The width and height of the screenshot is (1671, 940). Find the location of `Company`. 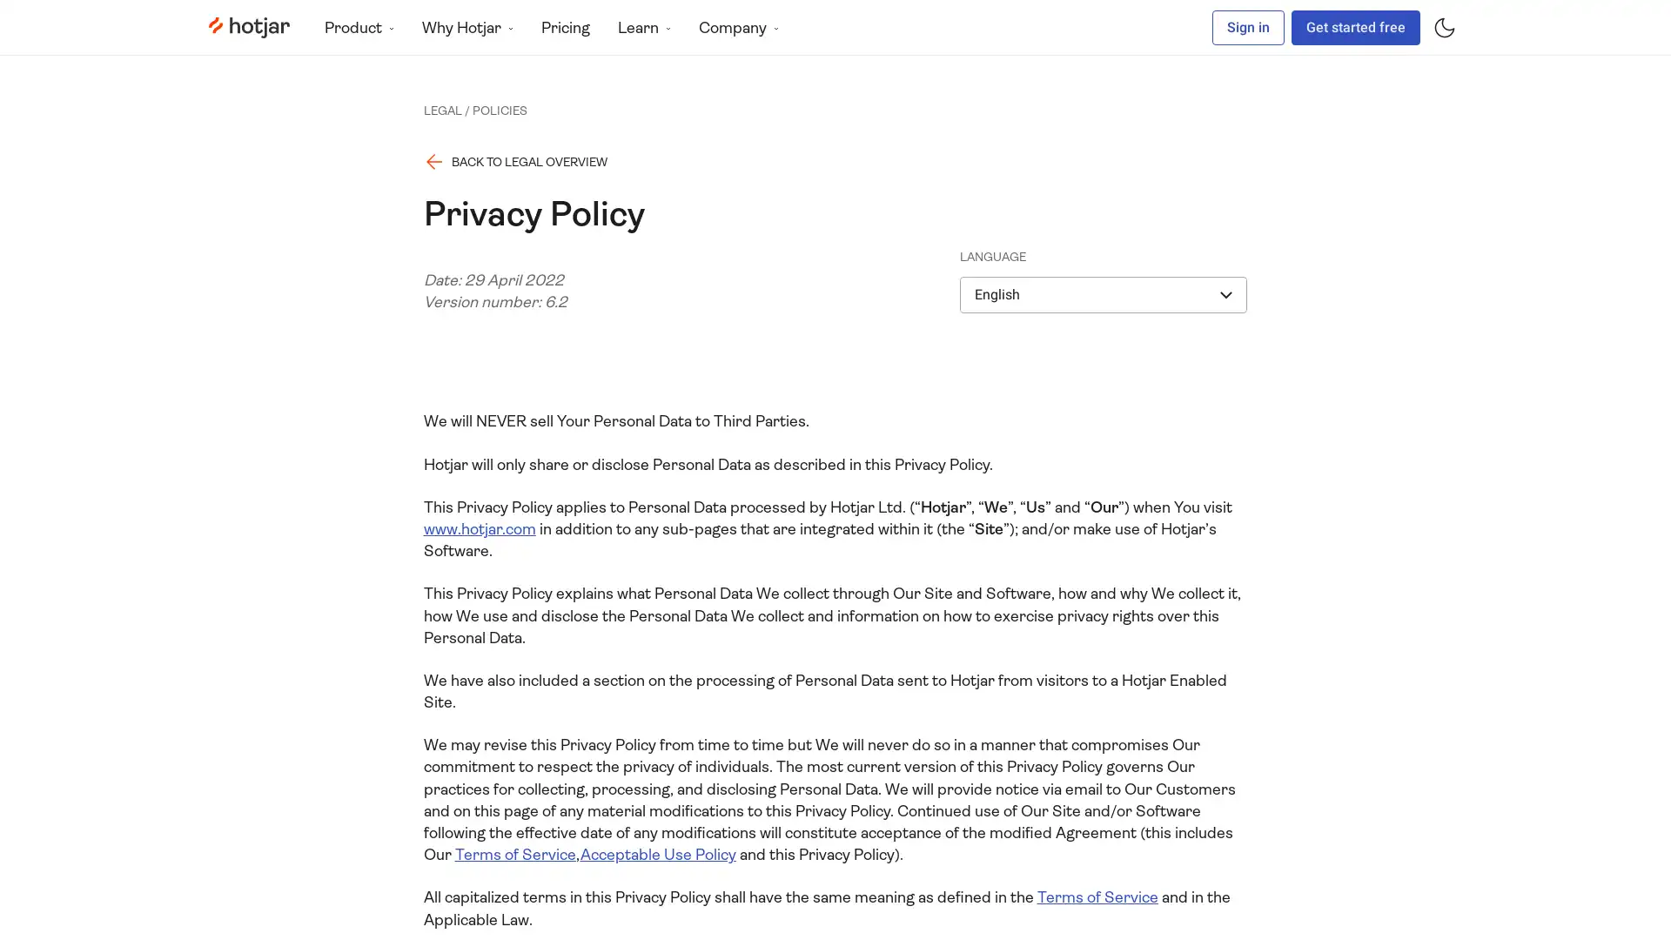

Company is located at coordinates (739, 27).